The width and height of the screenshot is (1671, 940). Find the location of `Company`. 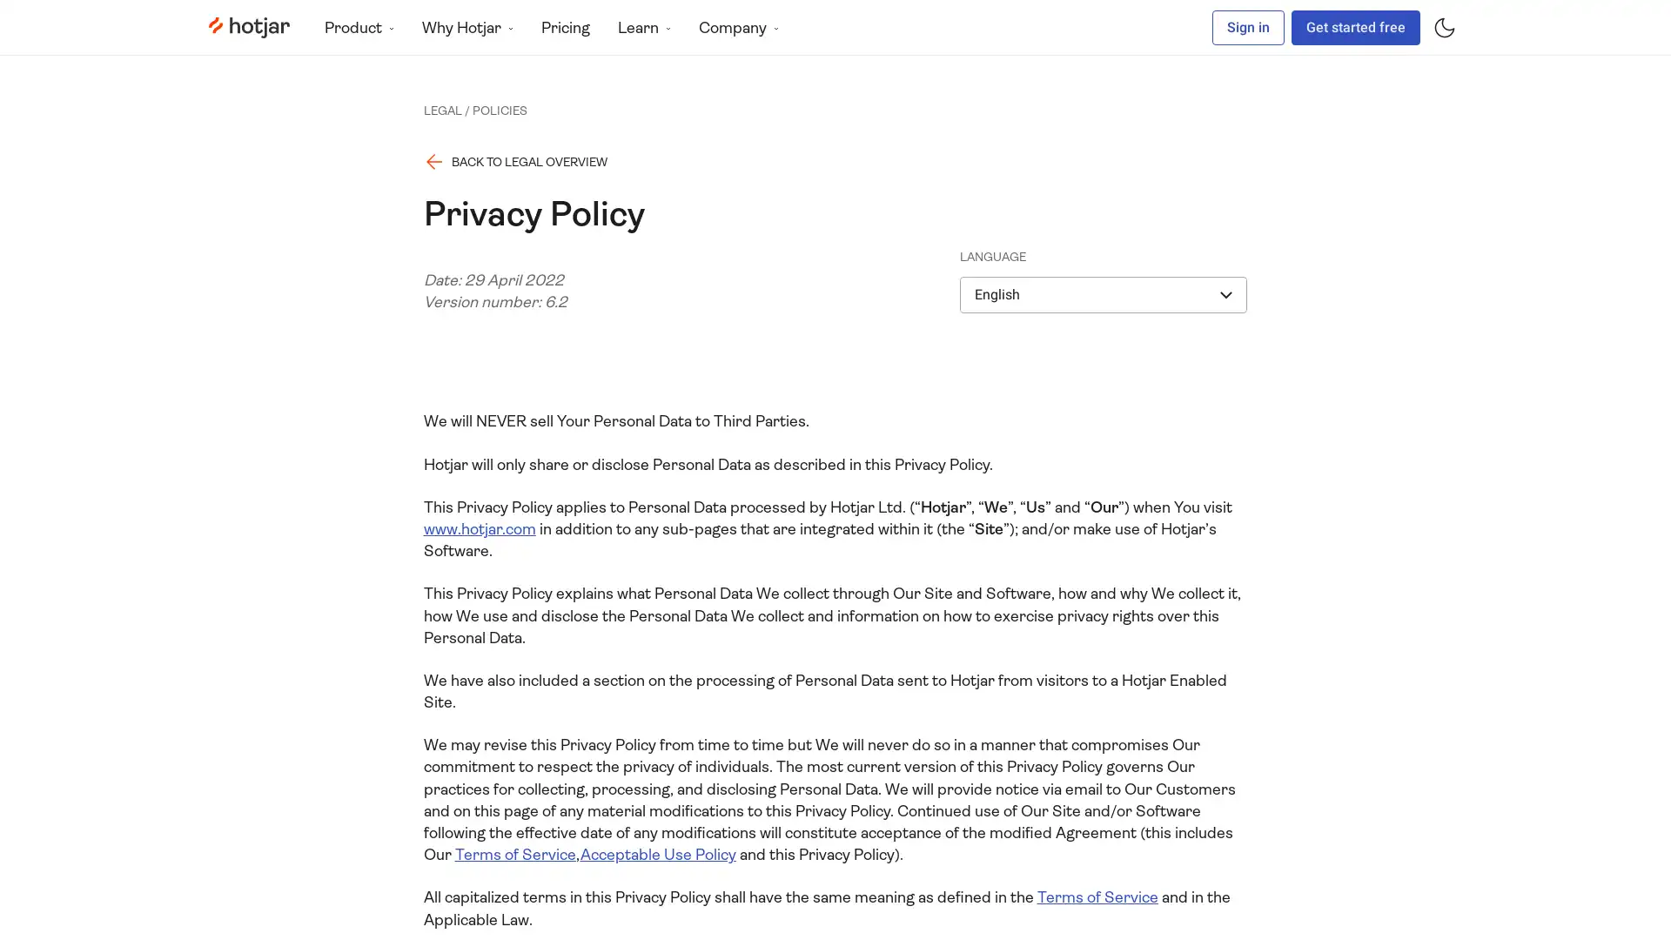

Company is located at coordinates (739, 27).